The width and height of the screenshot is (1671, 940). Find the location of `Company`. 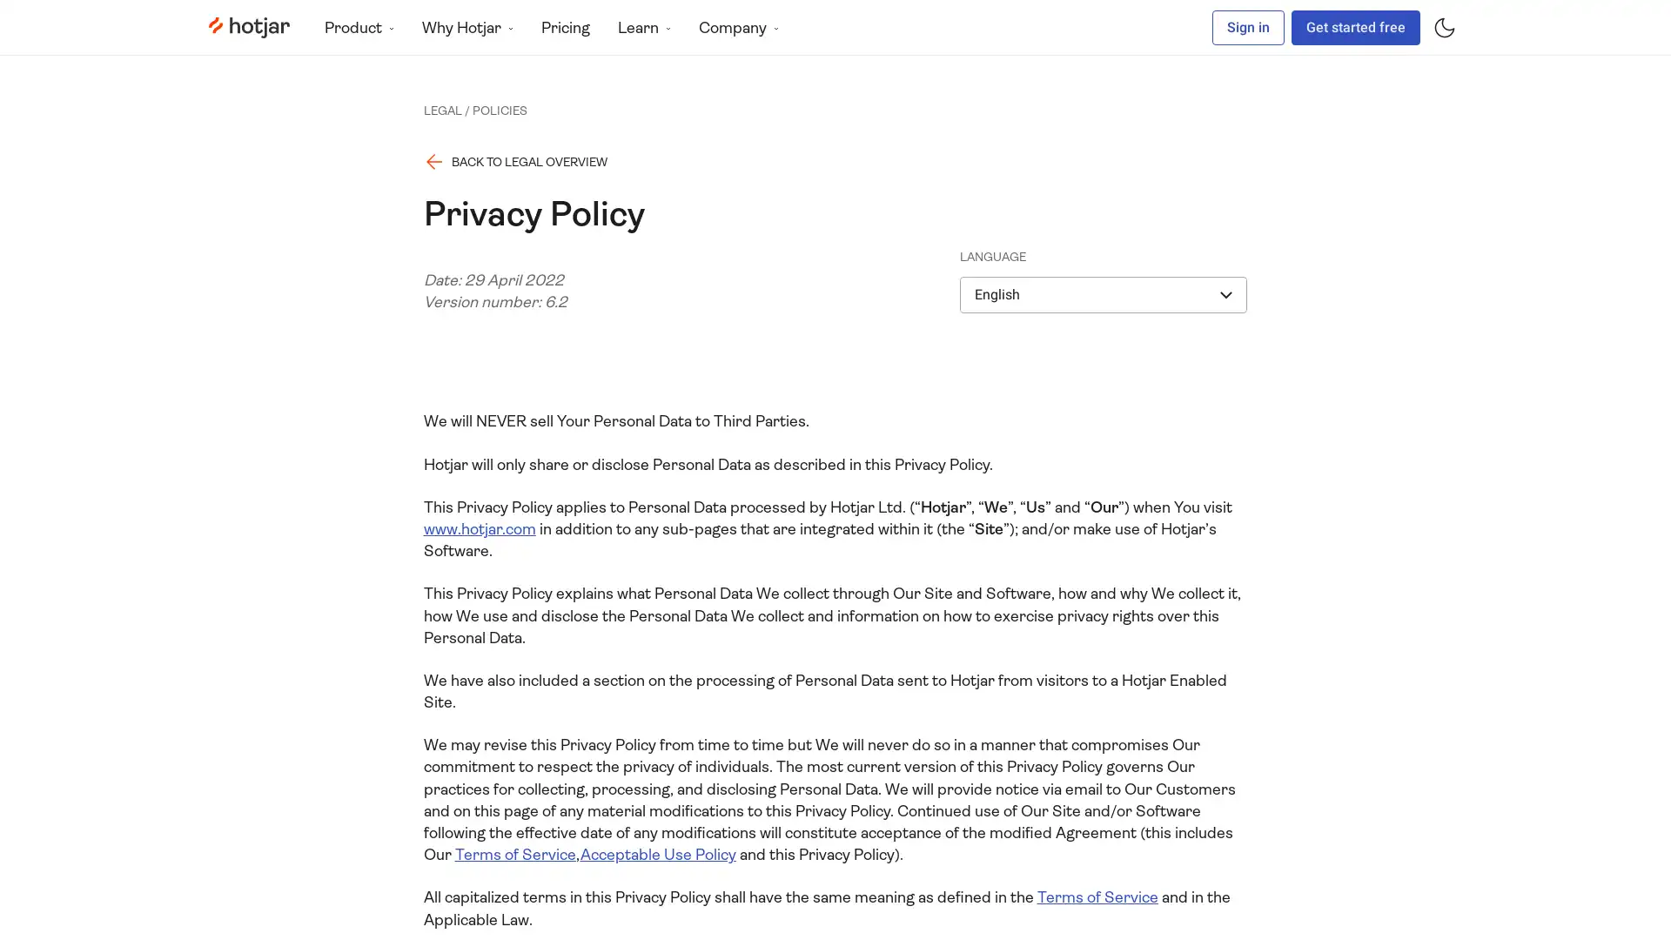

Company is located at coordinates (739, 27).